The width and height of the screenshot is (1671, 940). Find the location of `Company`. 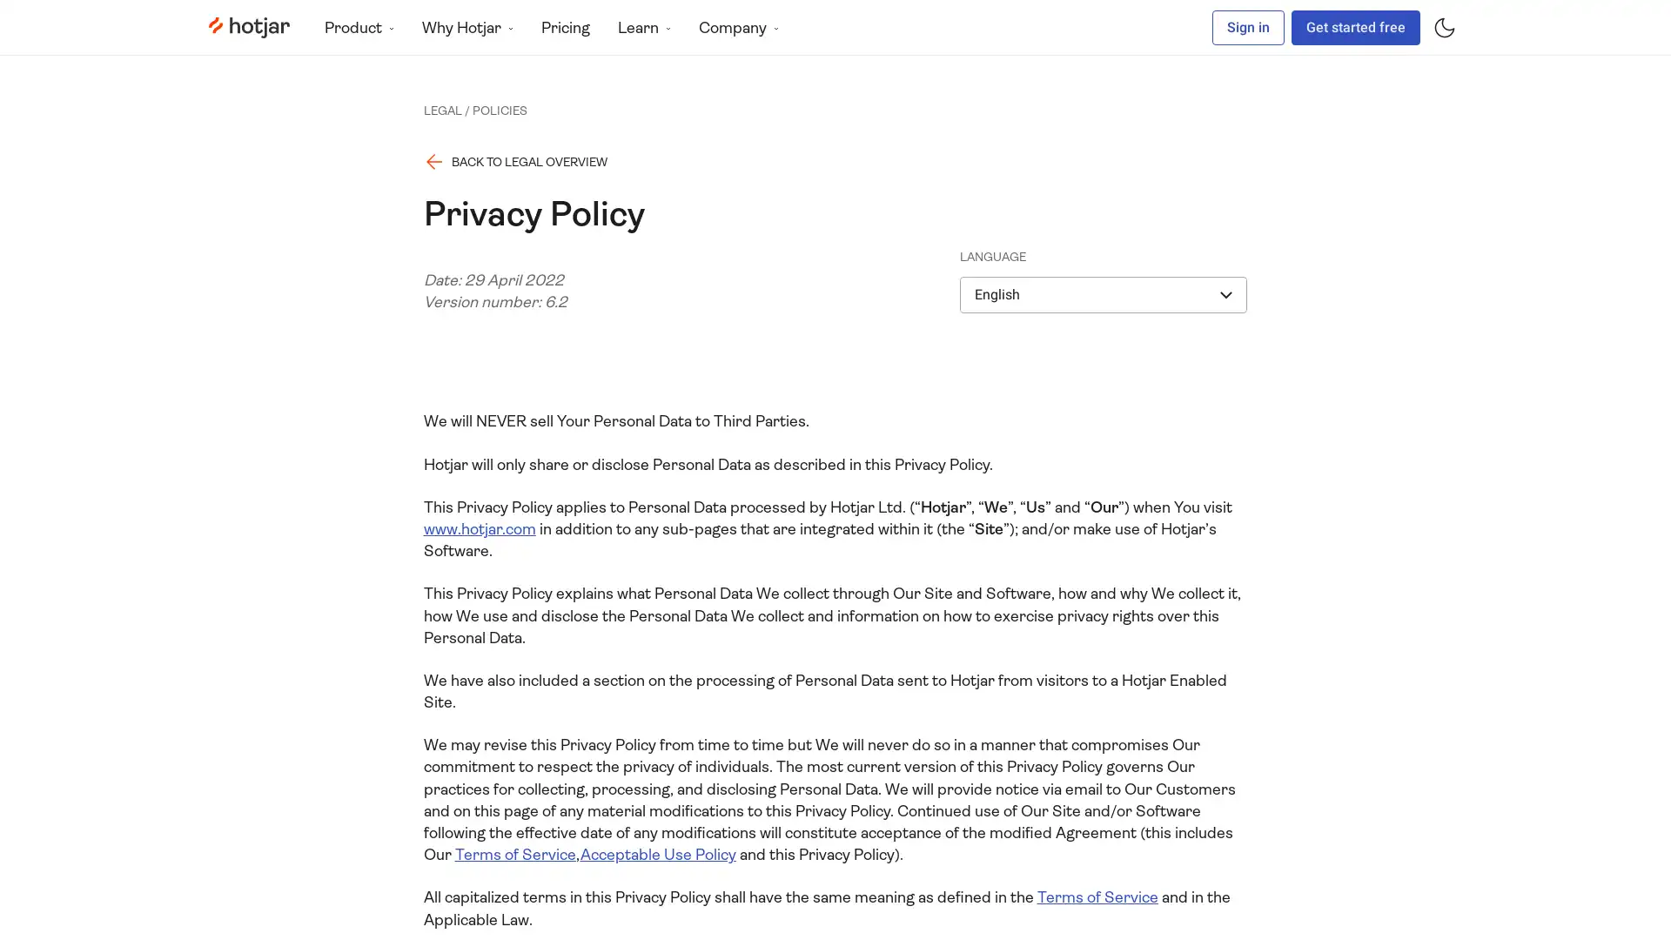

Company is located at coordinates (739, 27).